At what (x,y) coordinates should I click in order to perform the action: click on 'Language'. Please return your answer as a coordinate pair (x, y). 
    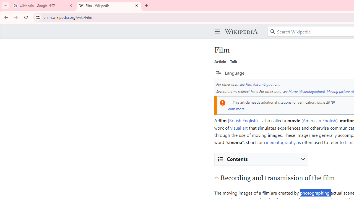
    Looking at the image, I should click on (230, 73).